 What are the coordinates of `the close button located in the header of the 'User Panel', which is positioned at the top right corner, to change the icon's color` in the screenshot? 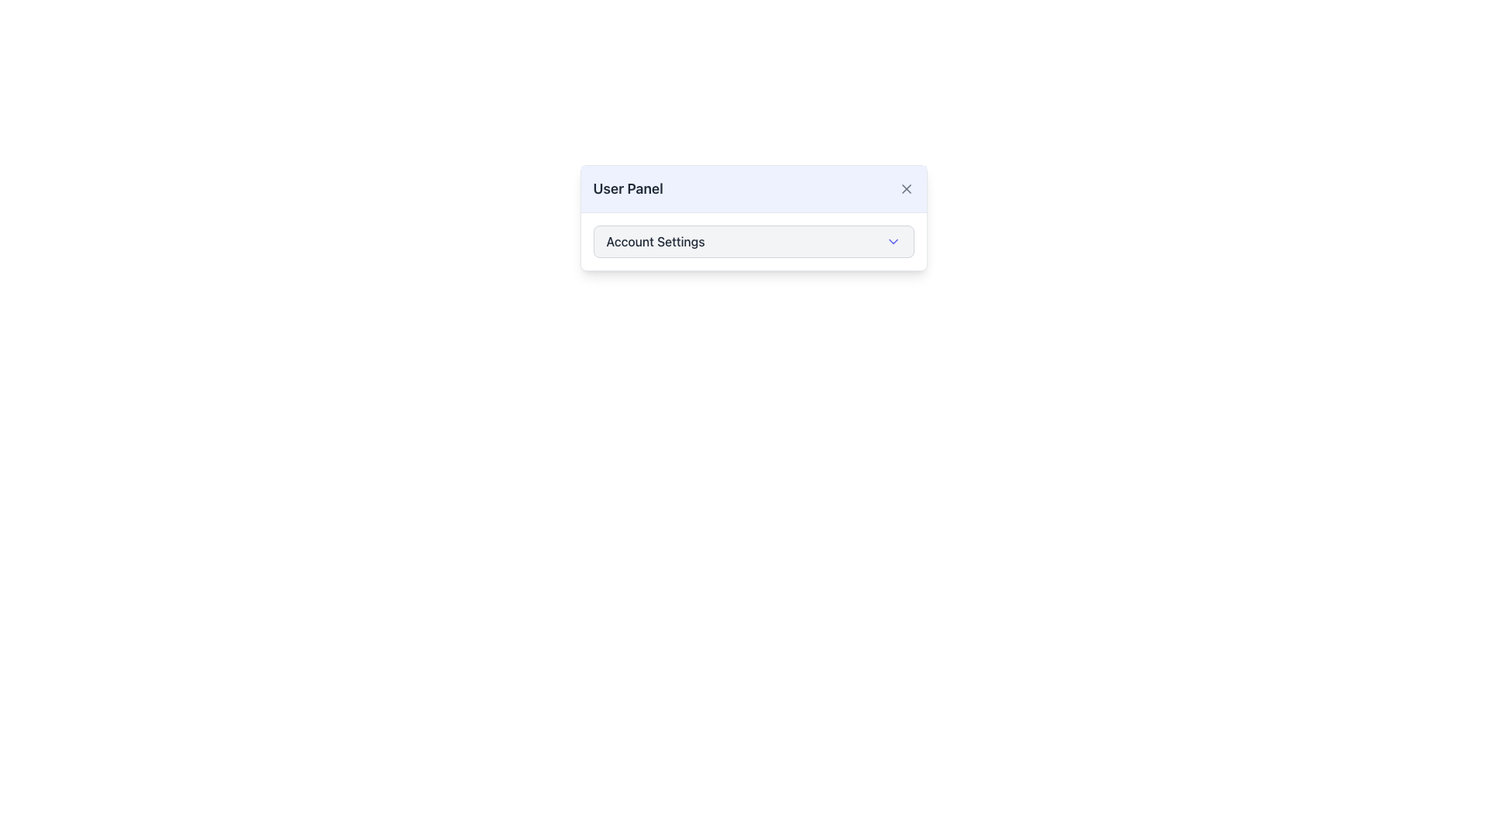 It's located at (906, 188).